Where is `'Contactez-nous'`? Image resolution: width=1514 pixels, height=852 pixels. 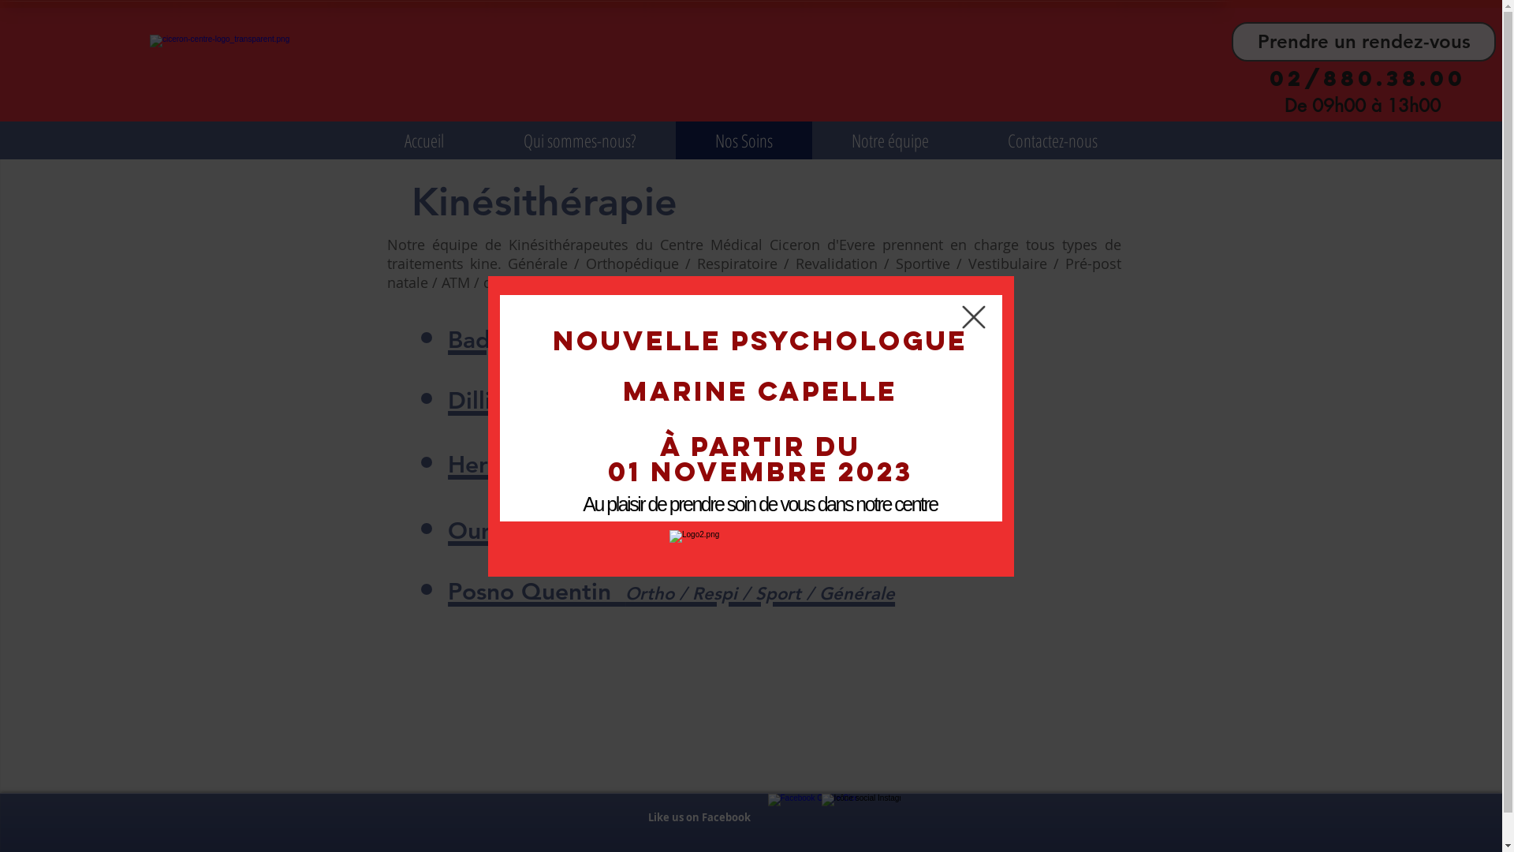
'Contactez-nous' is located at coordinates (1052, 139).